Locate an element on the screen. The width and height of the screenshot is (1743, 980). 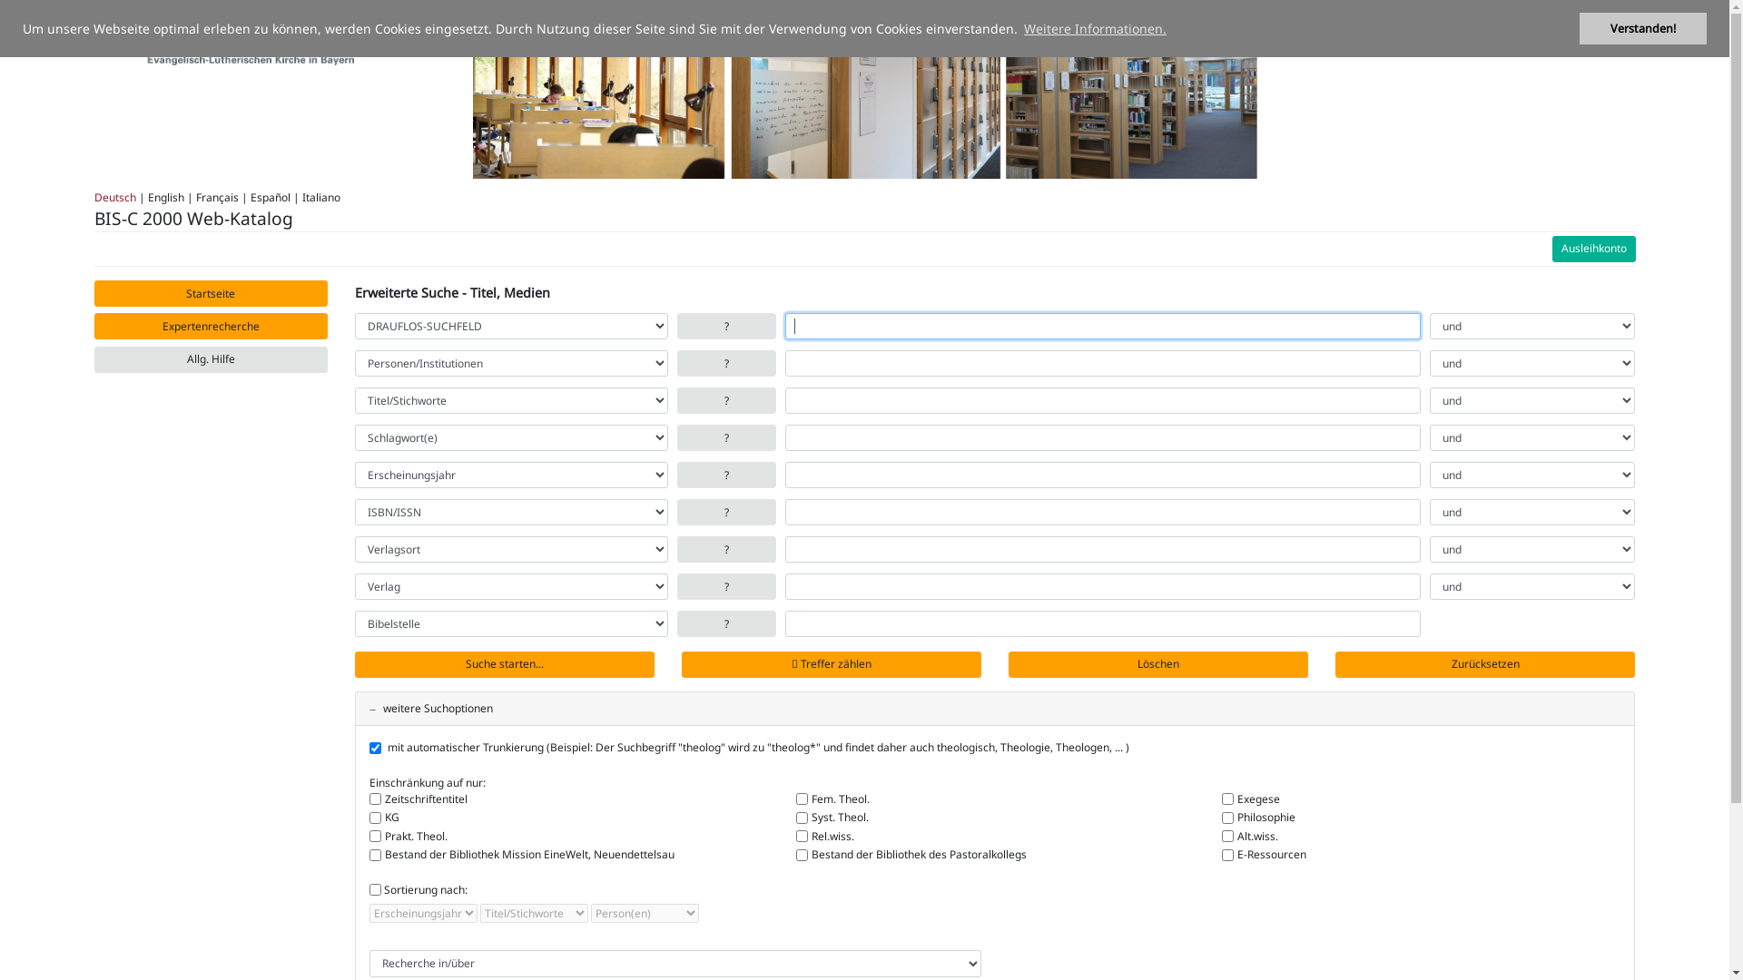
'Hilfe zu diesem Suchaspekt' is located at coordinates (726, 437).